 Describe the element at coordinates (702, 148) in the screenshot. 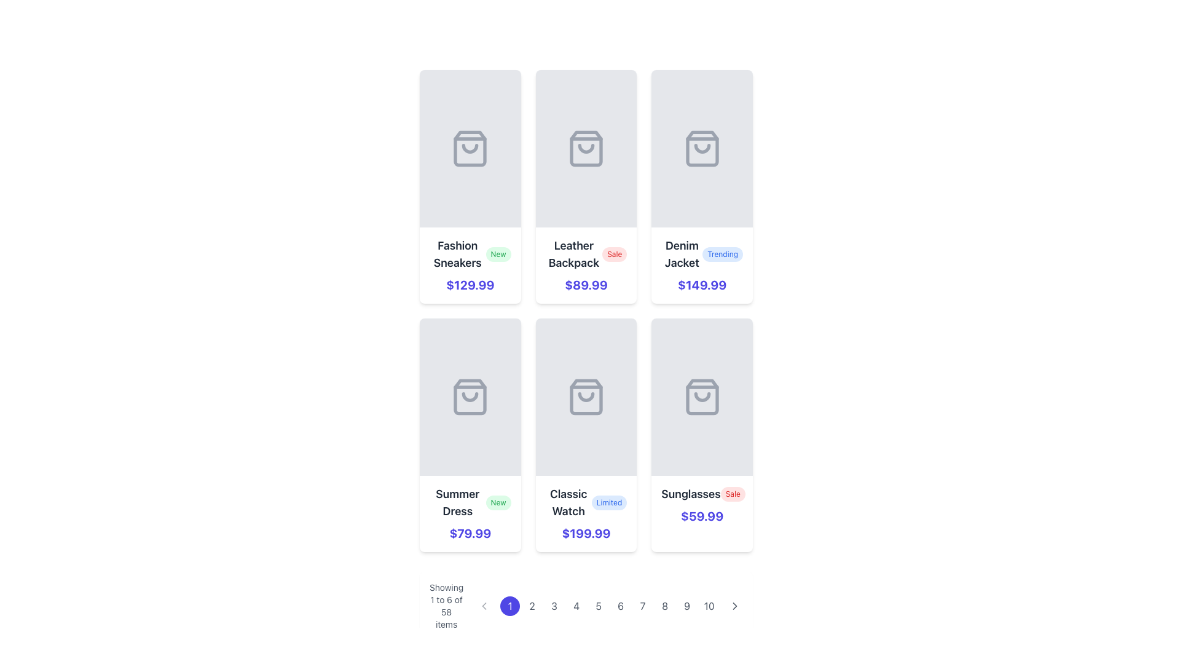

I see `the graphical icon resembling a shopping bag located in the top-middle card of the grid, which is titled 'Denim Jacket.'` at that location.